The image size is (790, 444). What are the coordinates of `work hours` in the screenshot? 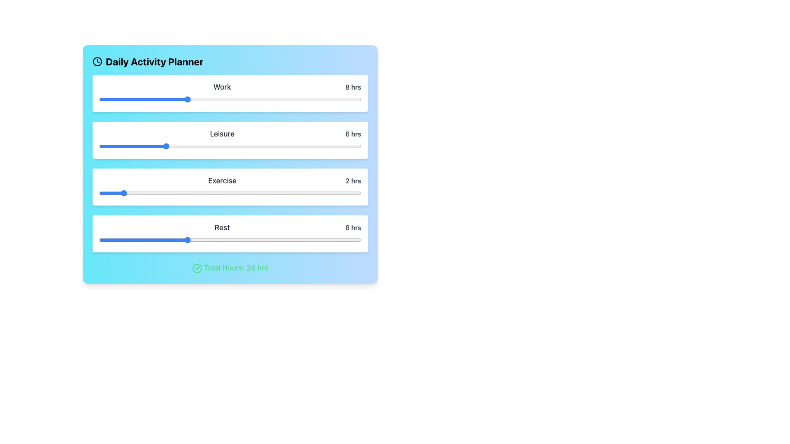 It's located at (219, 99).